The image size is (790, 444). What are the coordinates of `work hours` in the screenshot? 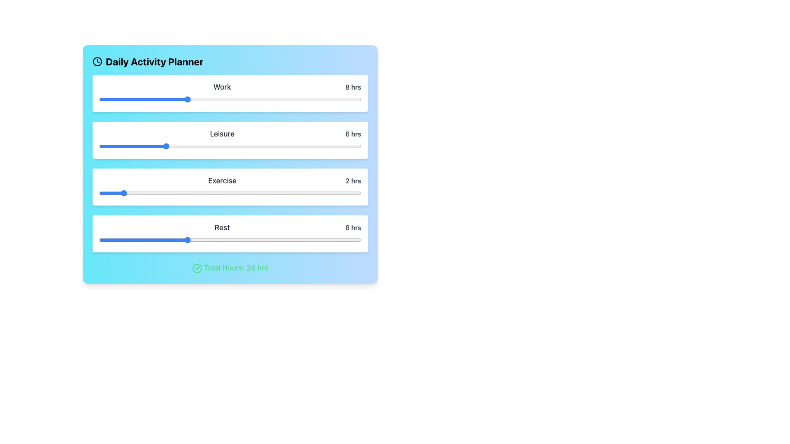 It's located at (219, 99).